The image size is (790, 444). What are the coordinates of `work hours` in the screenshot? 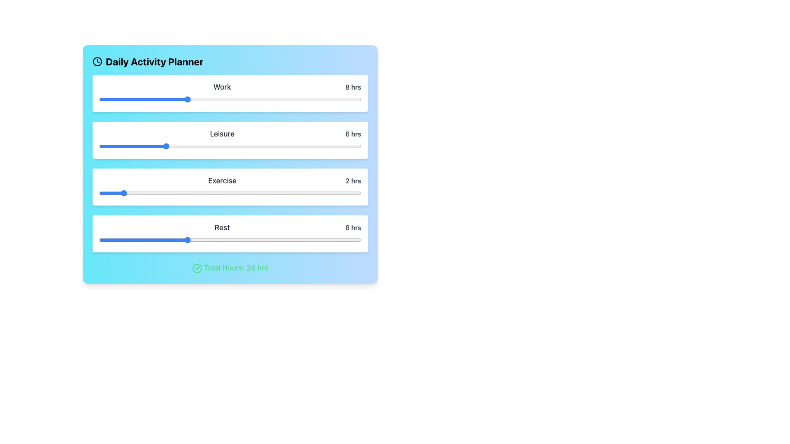 It's located at (219, 99).